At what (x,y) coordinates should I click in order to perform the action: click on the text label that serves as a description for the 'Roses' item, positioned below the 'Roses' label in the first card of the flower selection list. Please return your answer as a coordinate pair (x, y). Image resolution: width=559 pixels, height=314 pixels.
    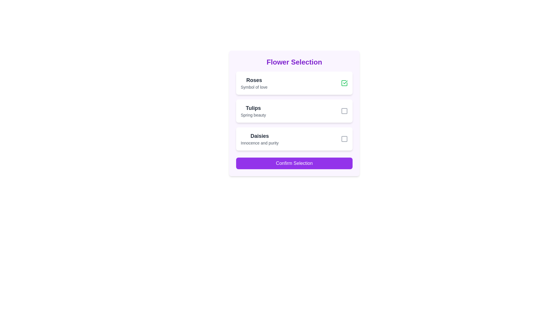
    Looking at the image, I should click on (254, 87).